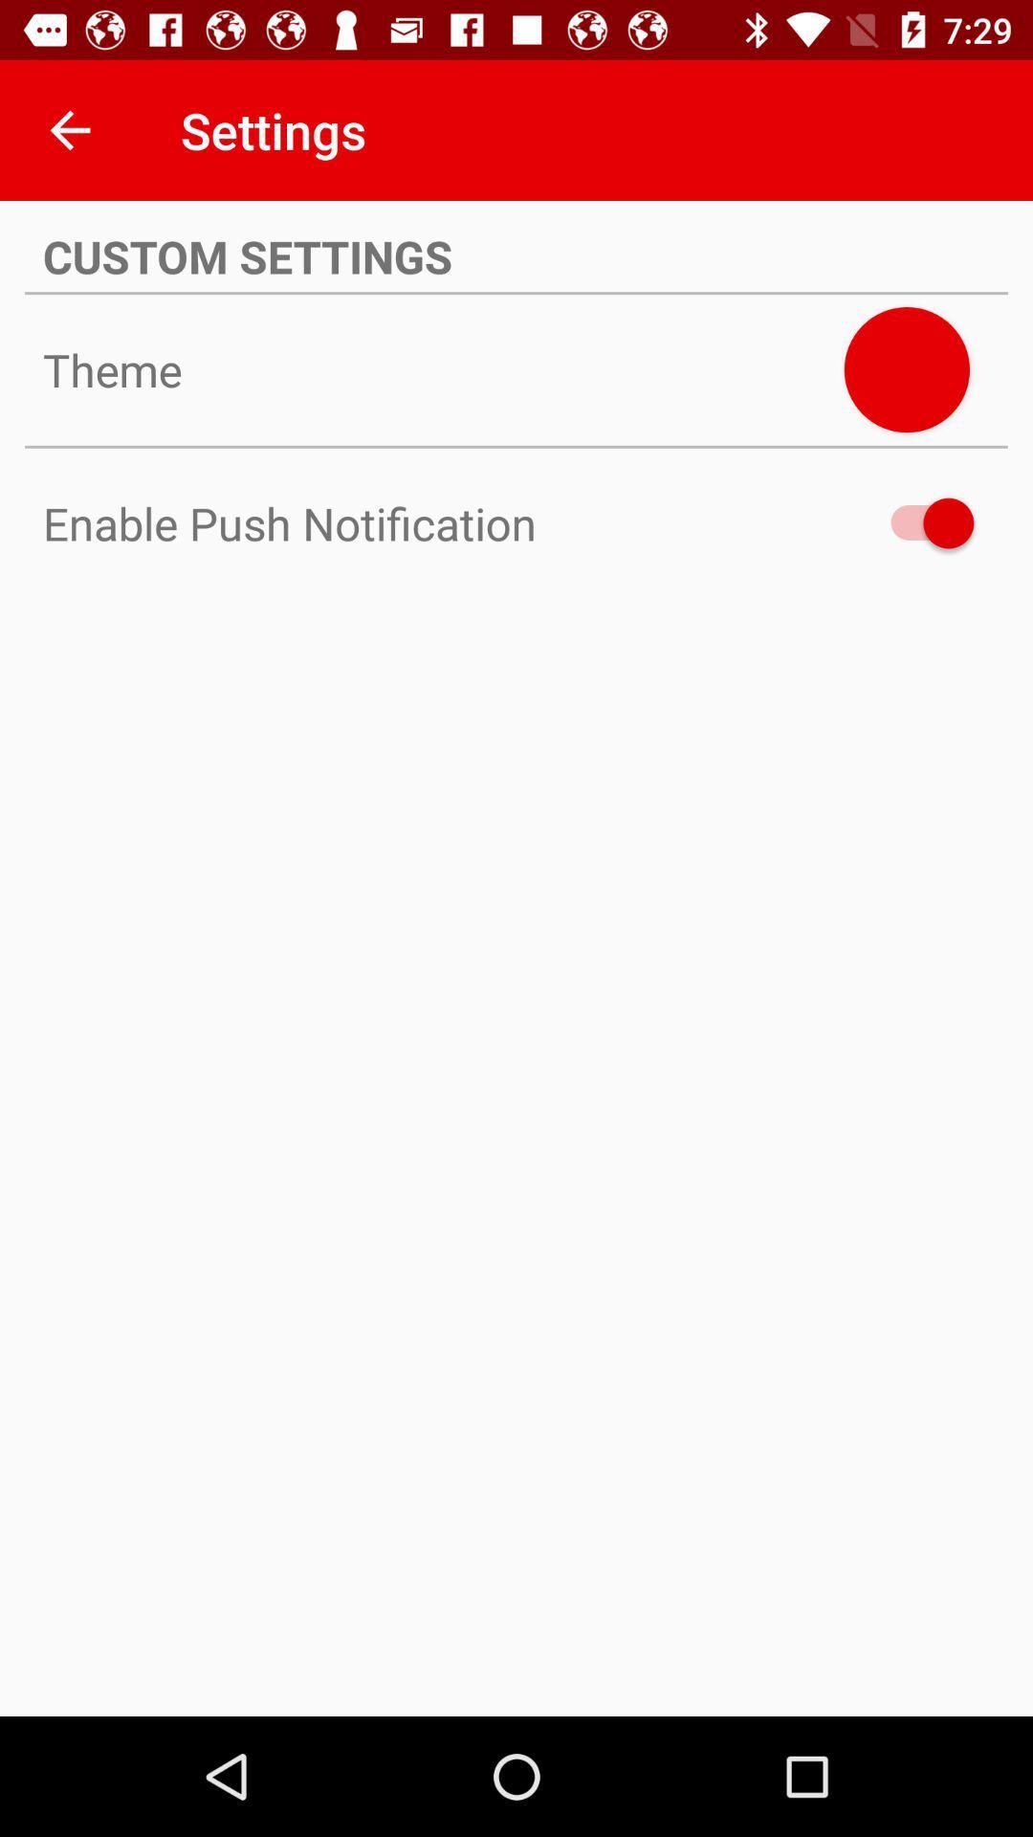 The width and height of the screenshot is (1033, 1837). What do you see at coordinates (922, 523) in the screenshot?
I see `push notifications` at bounding box center [922, 523].